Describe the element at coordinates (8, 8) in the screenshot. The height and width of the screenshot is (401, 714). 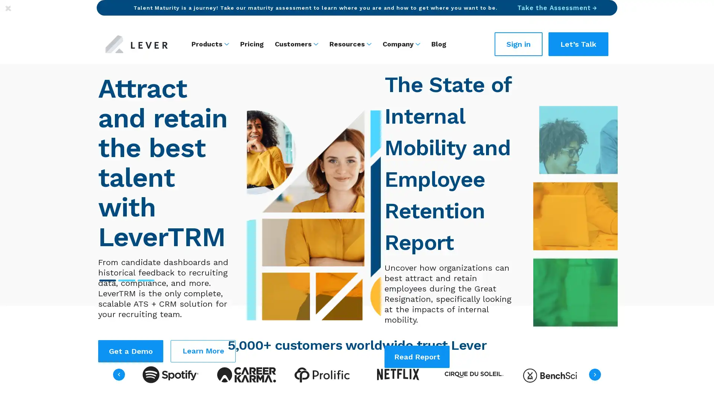
I see `Close` at that location.